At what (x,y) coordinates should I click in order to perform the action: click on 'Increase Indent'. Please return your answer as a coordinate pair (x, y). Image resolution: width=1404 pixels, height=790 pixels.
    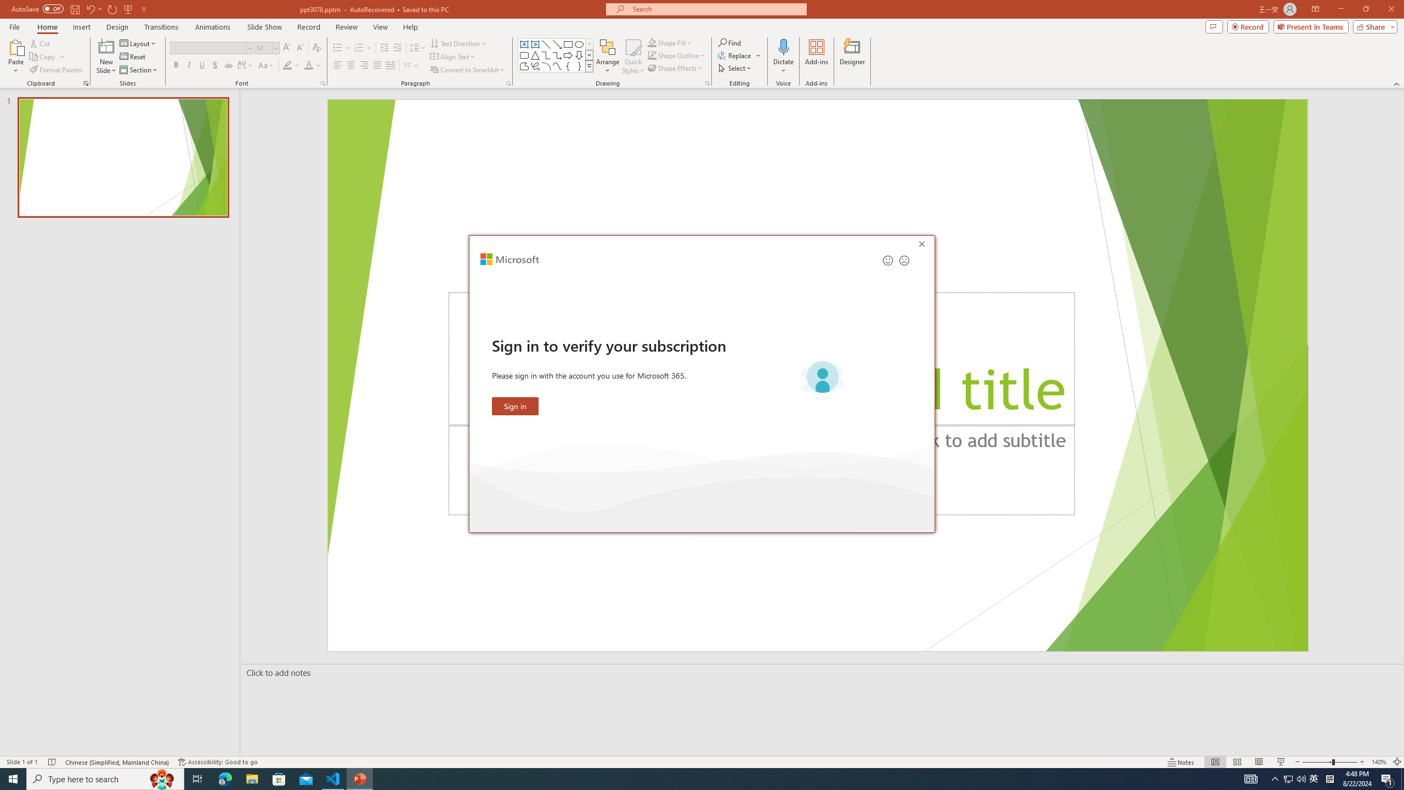
    Looking at the image, I should click on (398, 48).